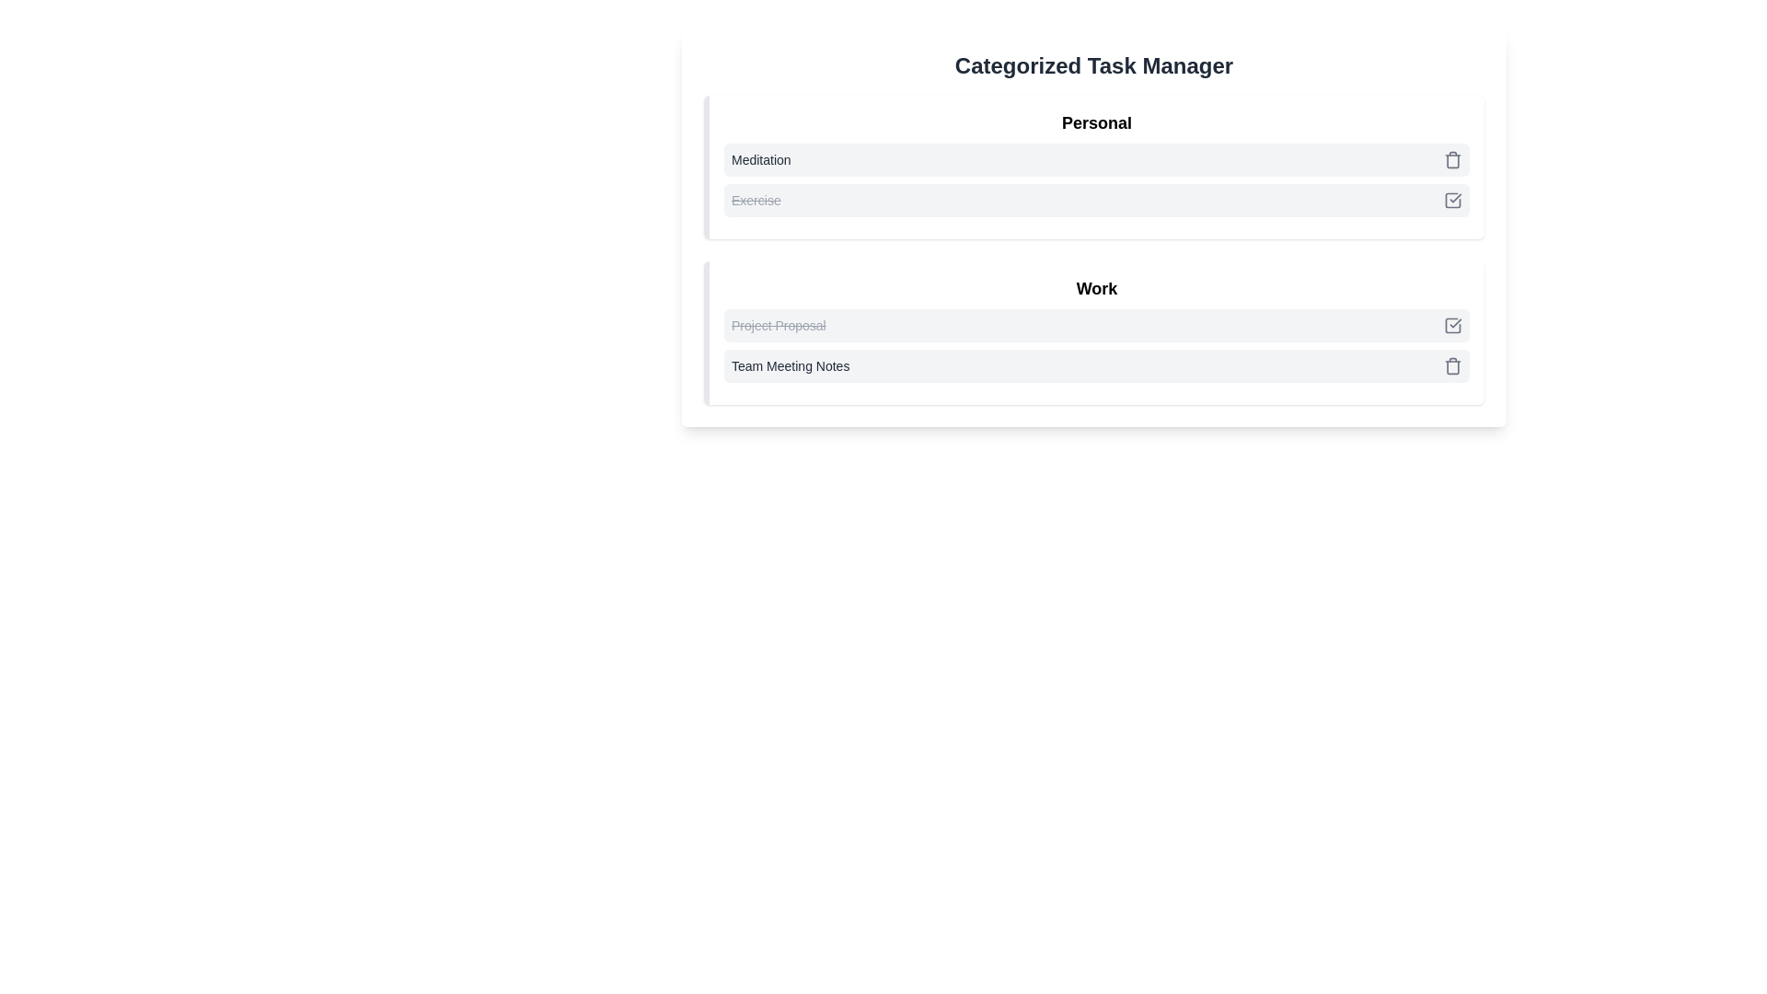 This screenshot has height=994, width=1767. What do you see at coordinates (1094, 65) in the screenshot?
I see `the Text label (Header) at the top of the card containing categorized items such as 'Personal' and 'Work'` at bounding box center [1094, 65].